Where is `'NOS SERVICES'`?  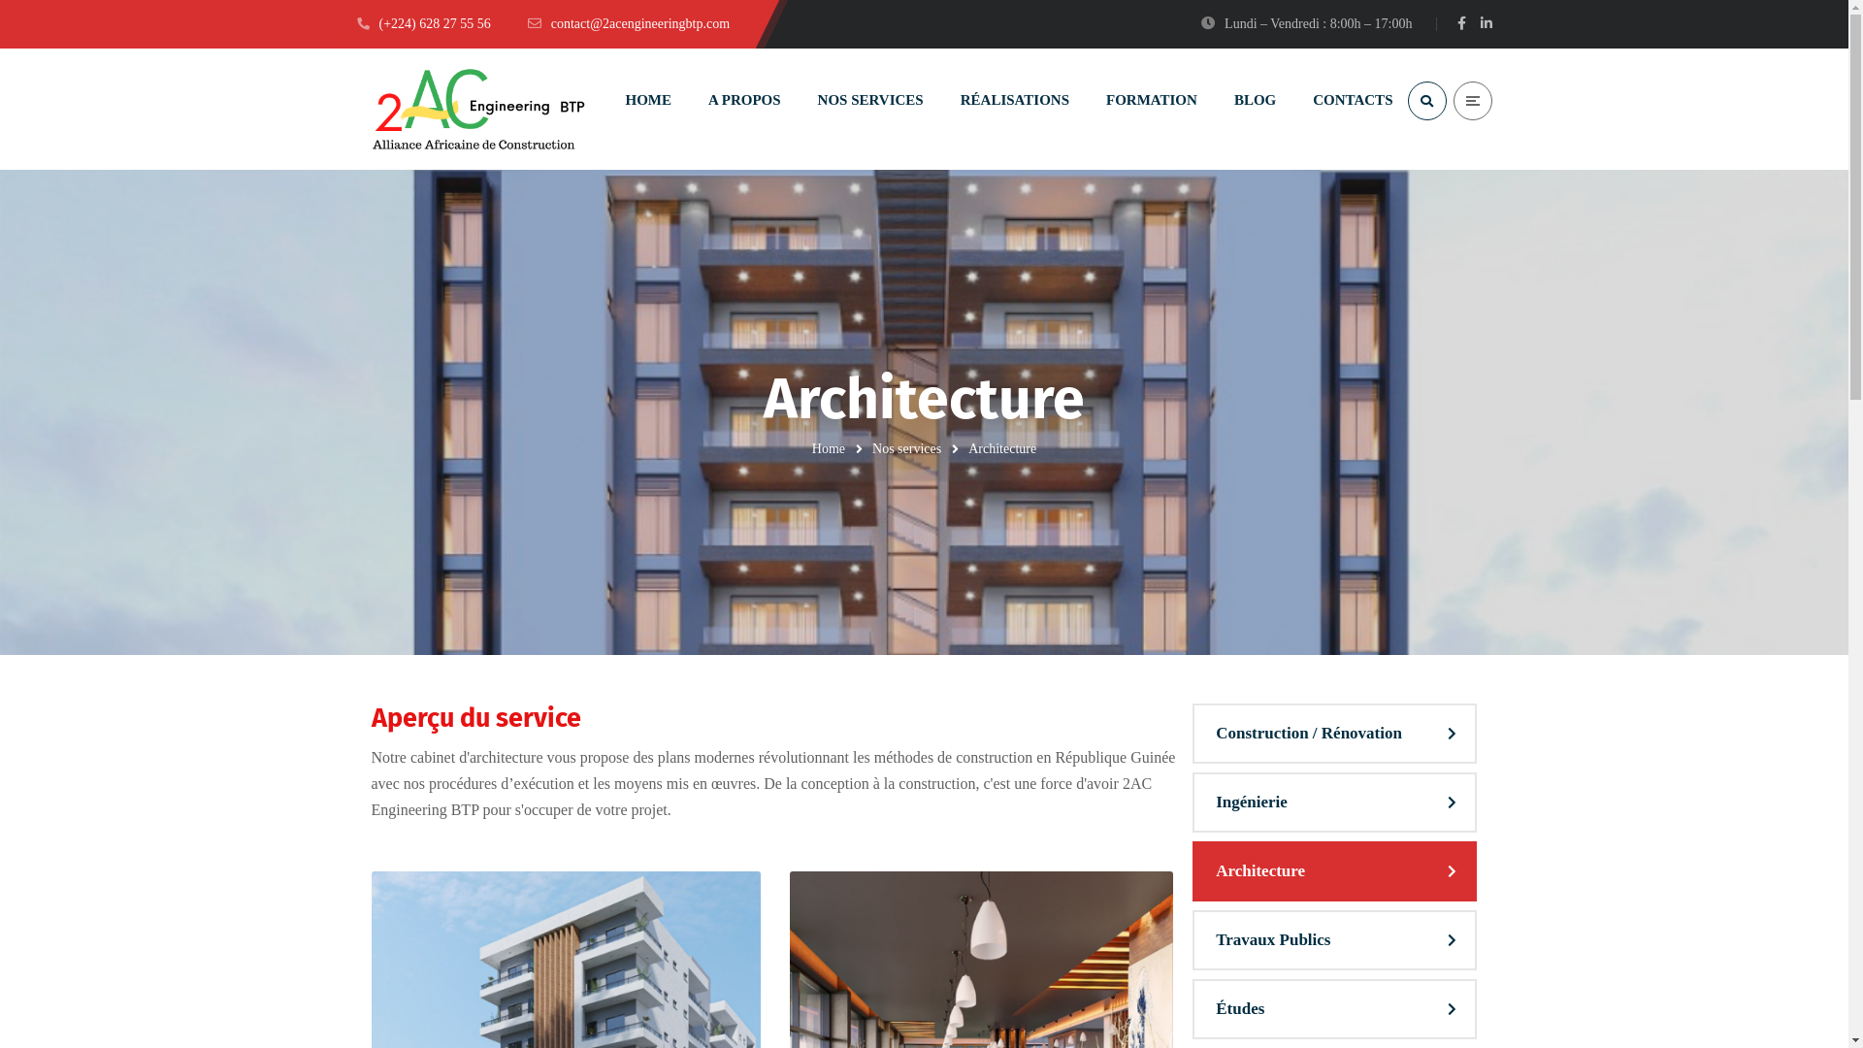
'NOS SERVICES' is located at coordinates (818, 100).